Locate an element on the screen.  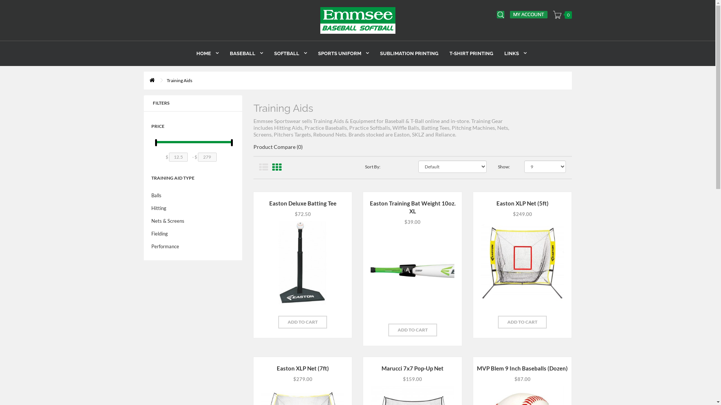
'Emmsee Sportswear' is located at coordinates (357, 20).